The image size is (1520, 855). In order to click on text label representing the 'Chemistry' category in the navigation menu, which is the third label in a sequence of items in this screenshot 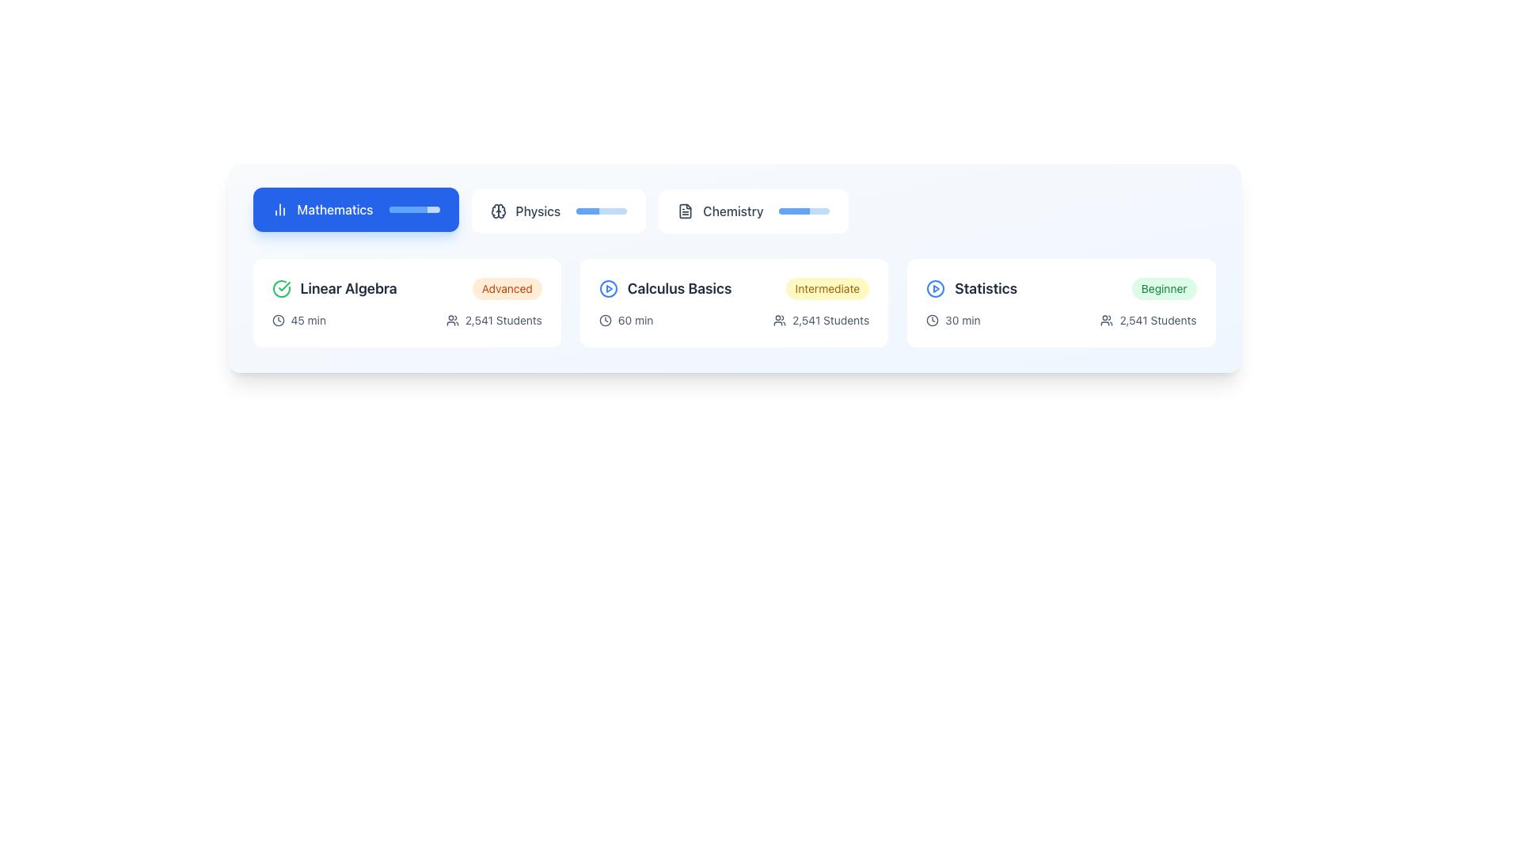, I will do `click(732, 210)`.